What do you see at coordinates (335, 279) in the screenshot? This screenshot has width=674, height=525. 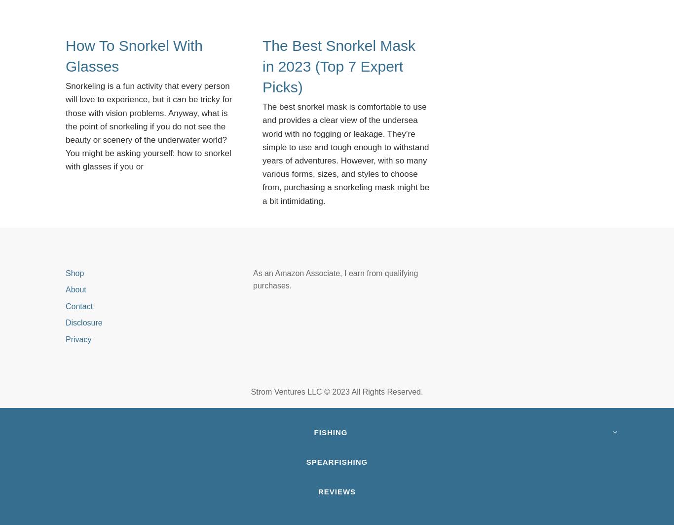 I see `'As an Amazon Associate, I earn from qualifying purchases.'` at bounding box center [335, 279].